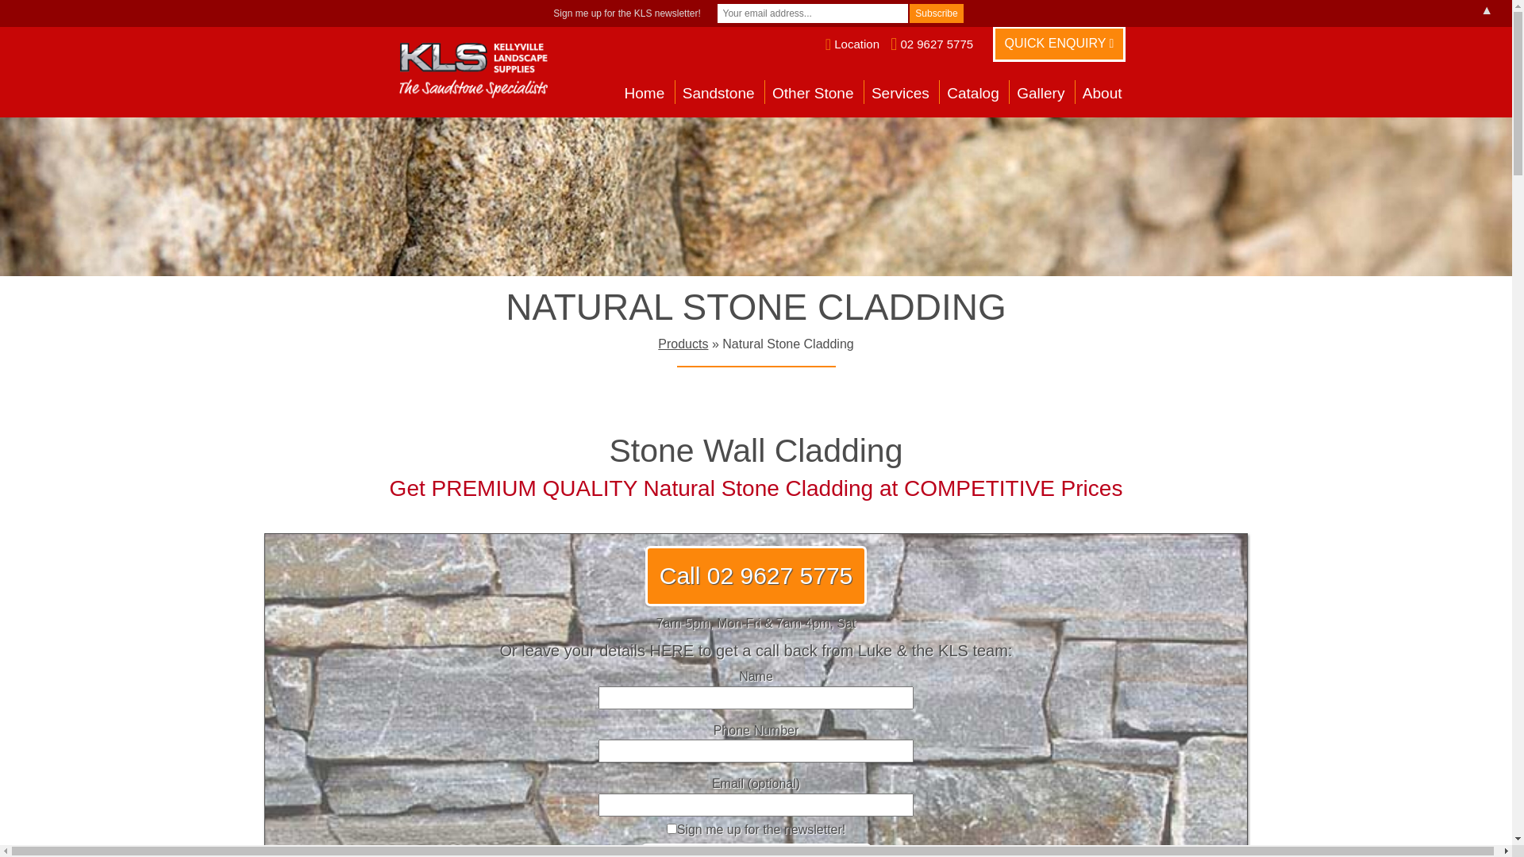  What do you see at coordinates (812, 95) in the screenshot?
I see `'Other Stone'` at bounding box center [812, 95].